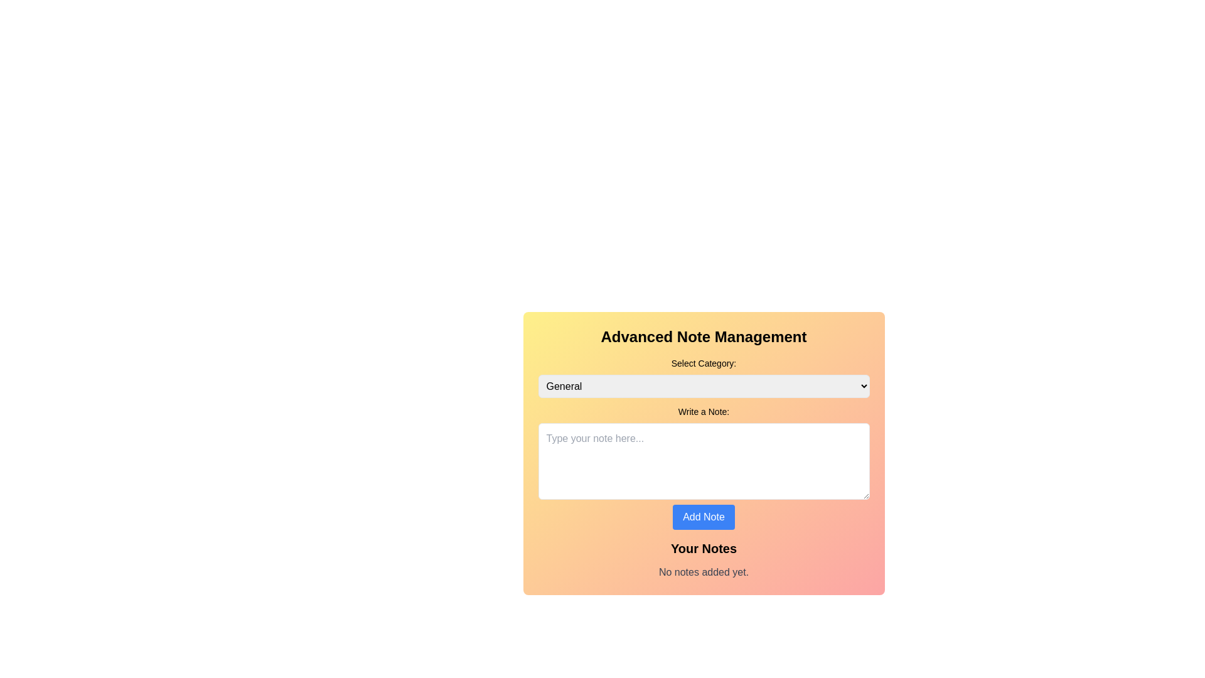 This screenshot has height=678, width=1205. What do you see at coordinates (704, 548) in the screenshot?
I see `text content of the Text Label located above the 'No notes added yet.' text line and below the 'Add Note' button in the 'Advanced Note Management' card` at bounding box center [704, 548].